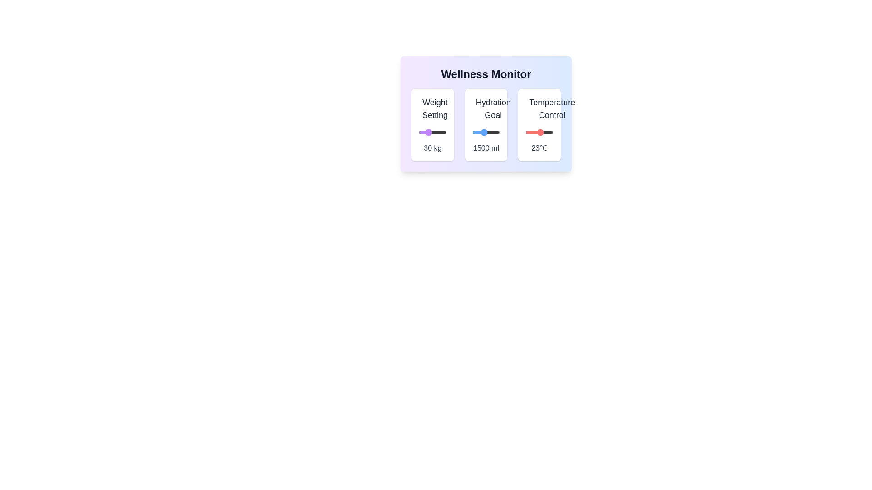  I want to click on the temperature, so click(532, 132).